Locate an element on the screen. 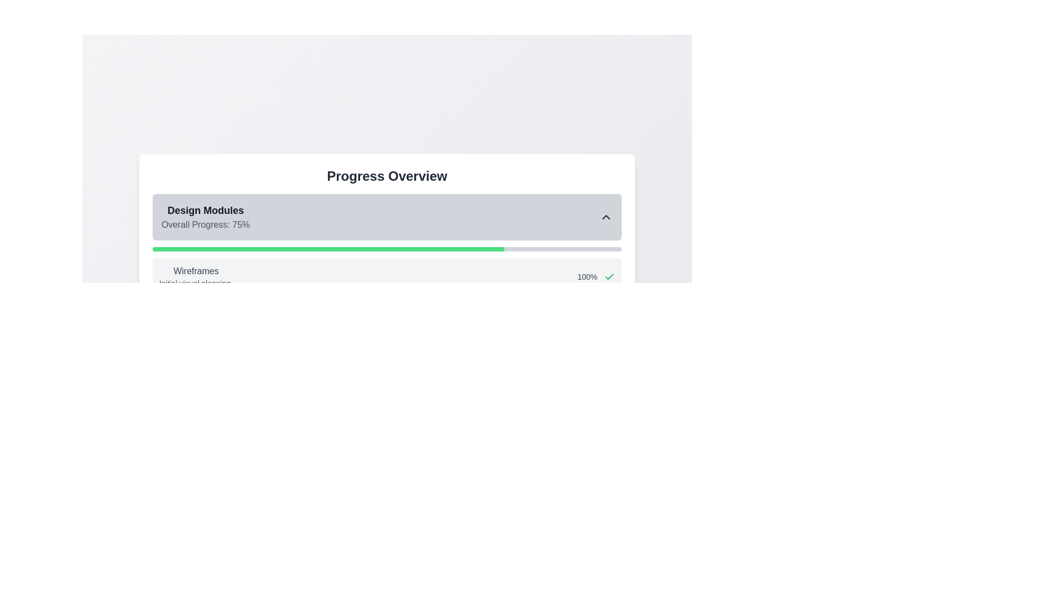 The width and height of the screenshot is (1062, 597). the informational label or status indicator displaying '100%' with a green checkmark icon, located within the 'Progress Overview' card, aligned with the 'Wireframes' label is located at coordinates (596, 276).